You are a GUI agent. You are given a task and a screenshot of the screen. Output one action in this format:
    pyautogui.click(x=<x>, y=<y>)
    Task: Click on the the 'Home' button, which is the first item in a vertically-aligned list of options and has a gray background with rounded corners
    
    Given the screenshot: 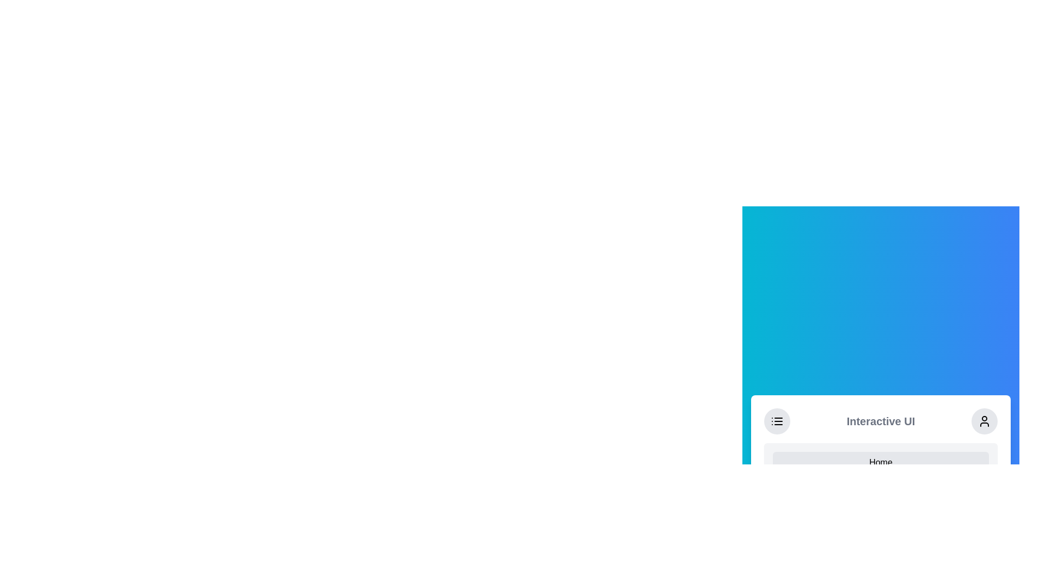 What is the action you would take?
    pyautogui.click(x=881, y=462)
    